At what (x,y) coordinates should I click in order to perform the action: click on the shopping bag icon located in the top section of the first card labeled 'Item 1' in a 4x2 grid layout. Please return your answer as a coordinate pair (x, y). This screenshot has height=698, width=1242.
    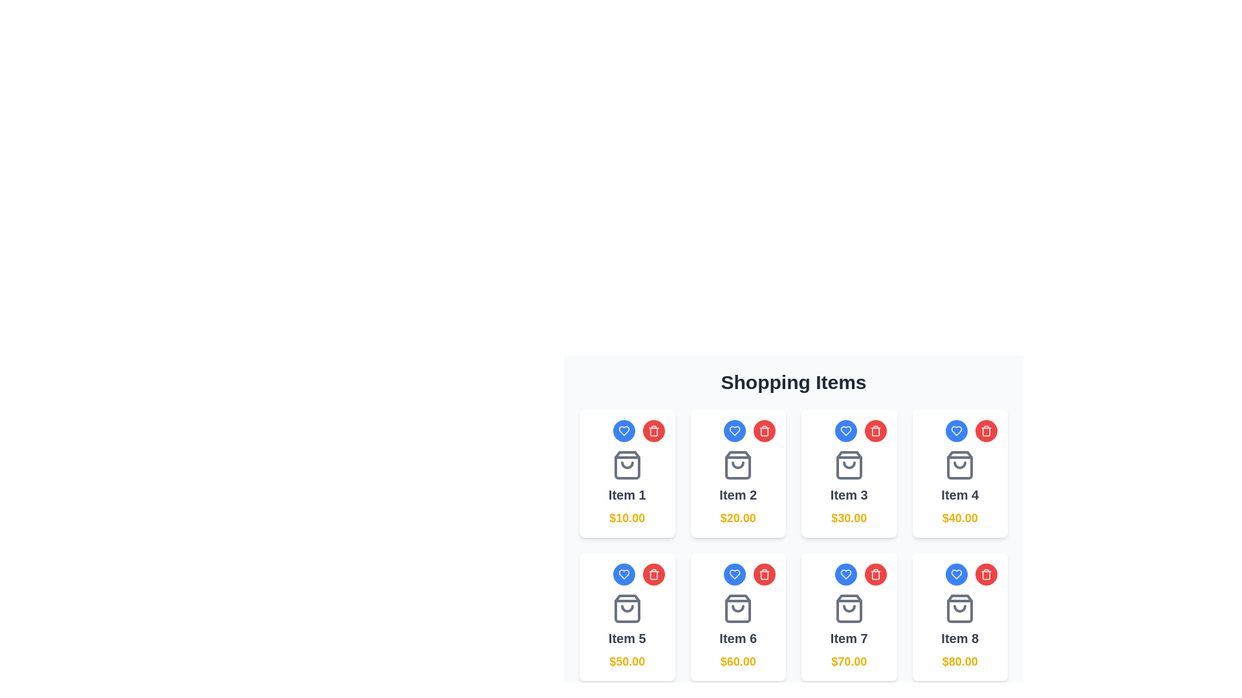
    Looking at the image, I should click on (627, 465).